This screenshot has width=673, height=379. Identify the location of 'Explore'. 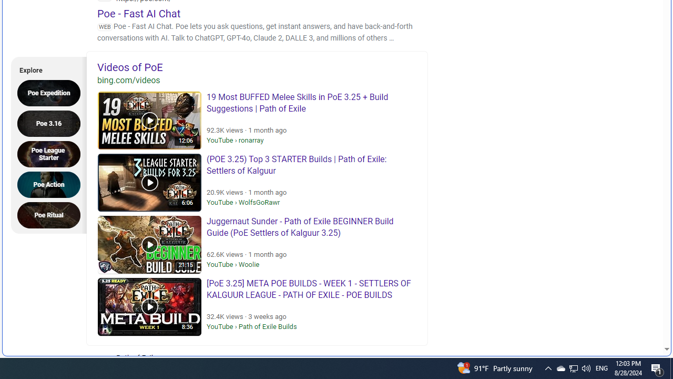
(45, 68).